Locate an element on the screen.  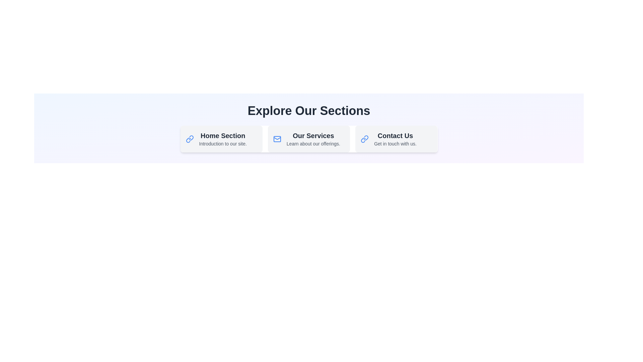
the icon representing a link or connection located to the left of the 'Contact Us' title in the 'Contact Us' card is located at coordinates (364, 139).